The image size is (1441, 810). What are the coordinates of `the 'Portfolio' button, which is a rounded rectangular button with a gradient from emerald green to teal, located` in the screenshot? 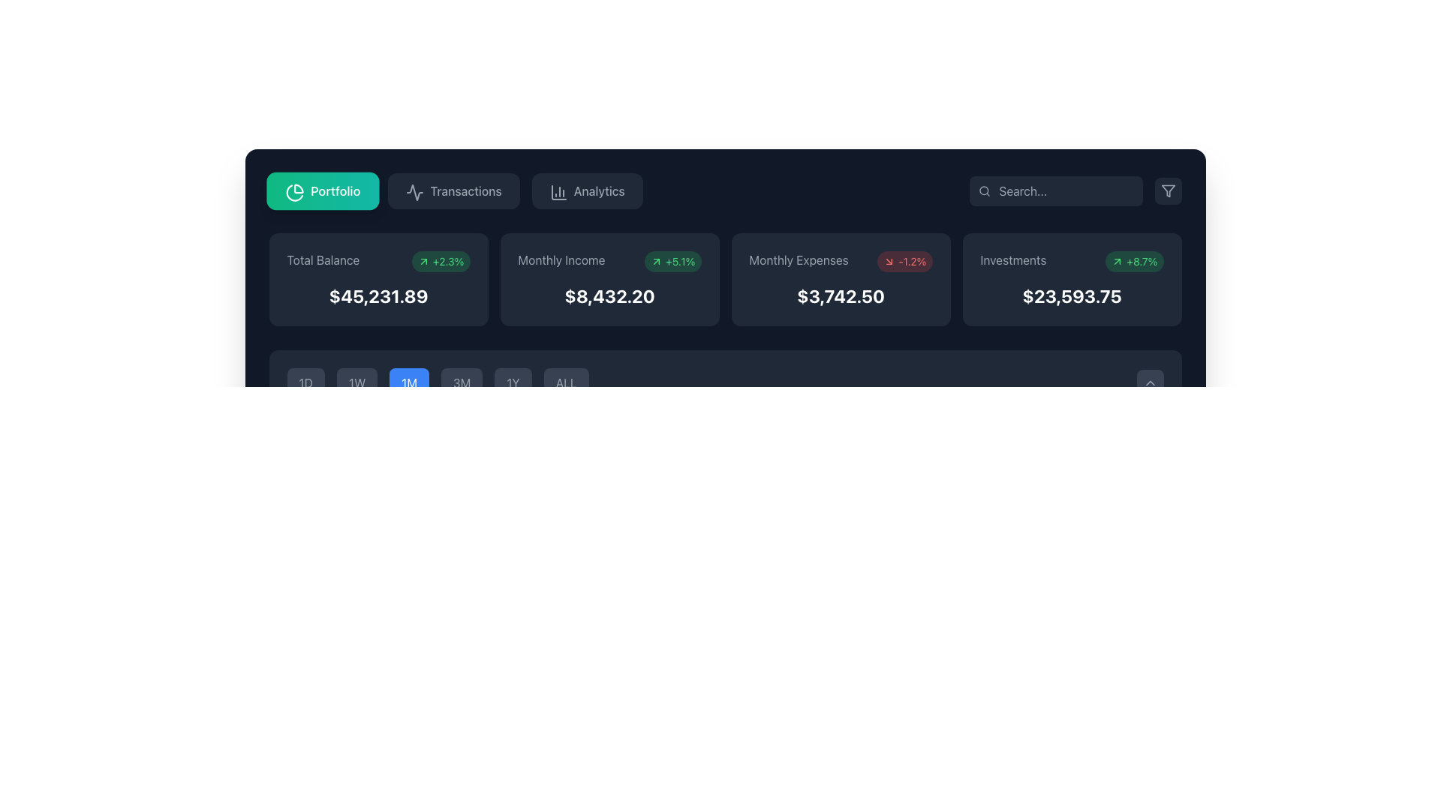 It's located at (321, 190).